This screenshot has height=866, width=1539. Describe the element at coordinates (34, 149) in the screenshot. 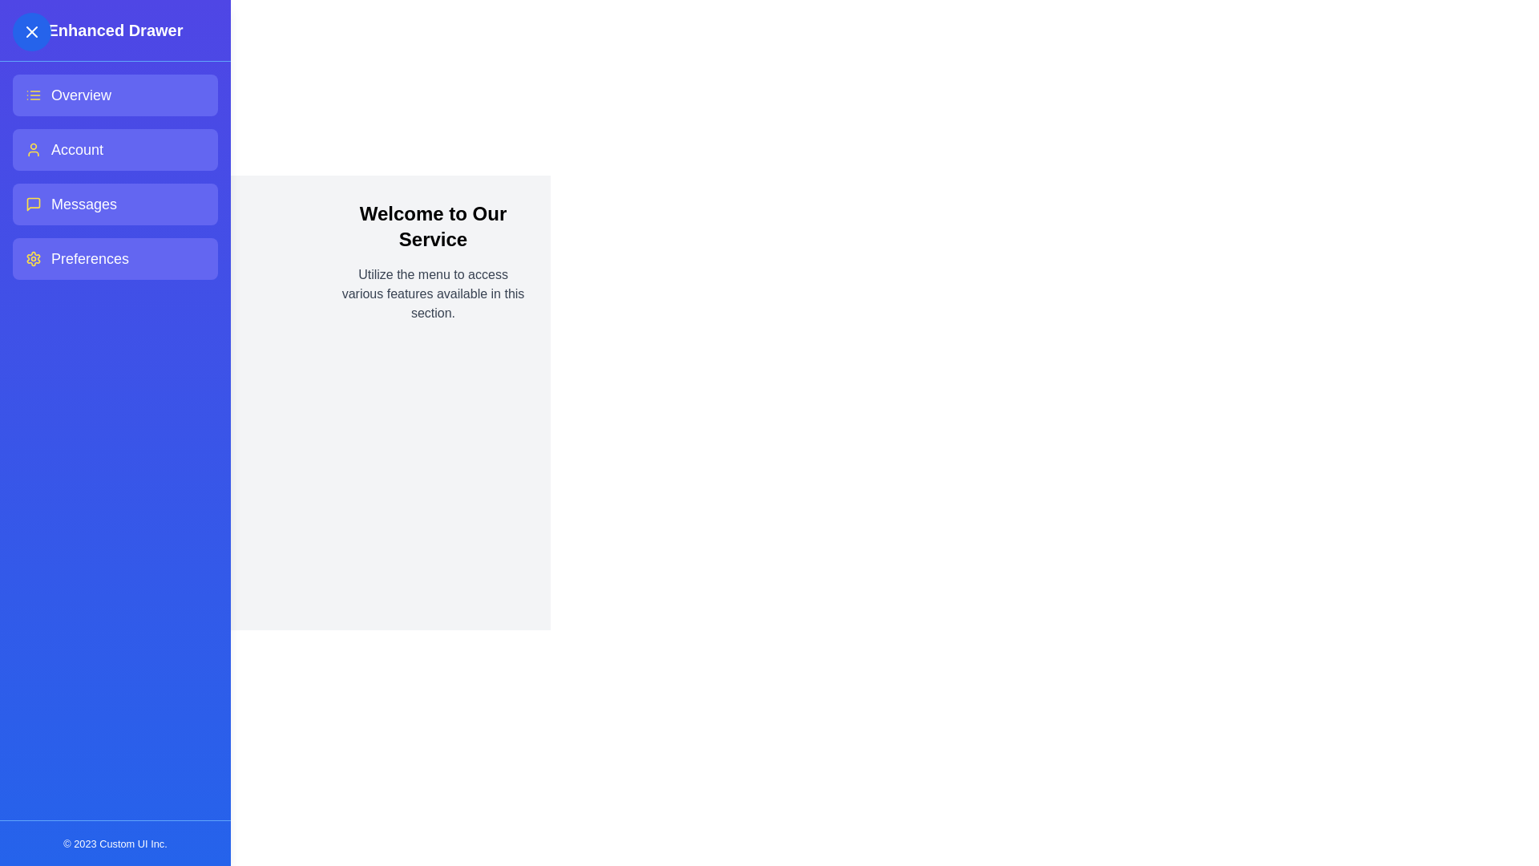

I see `the small circular icon resembling a user silhouette, which has a yellow stroke on a blue background, located to the left of the 'Account' text label in the third menu item of the vertical navigation panel` at that location.